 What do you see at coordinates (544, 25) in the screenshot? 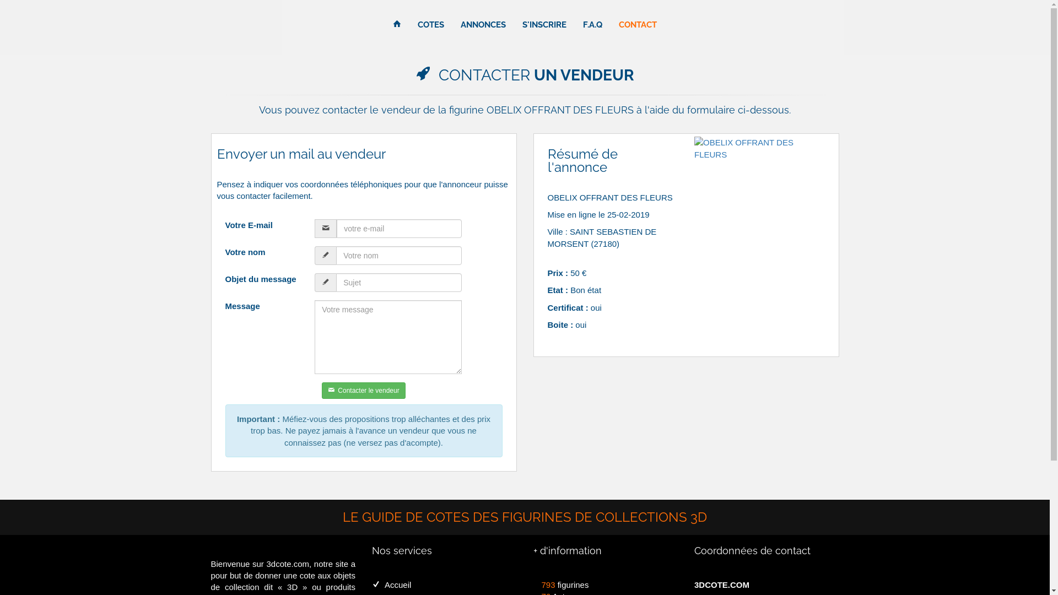
I see `'S'INSCRIRE'` at bounding box center [544, 25].